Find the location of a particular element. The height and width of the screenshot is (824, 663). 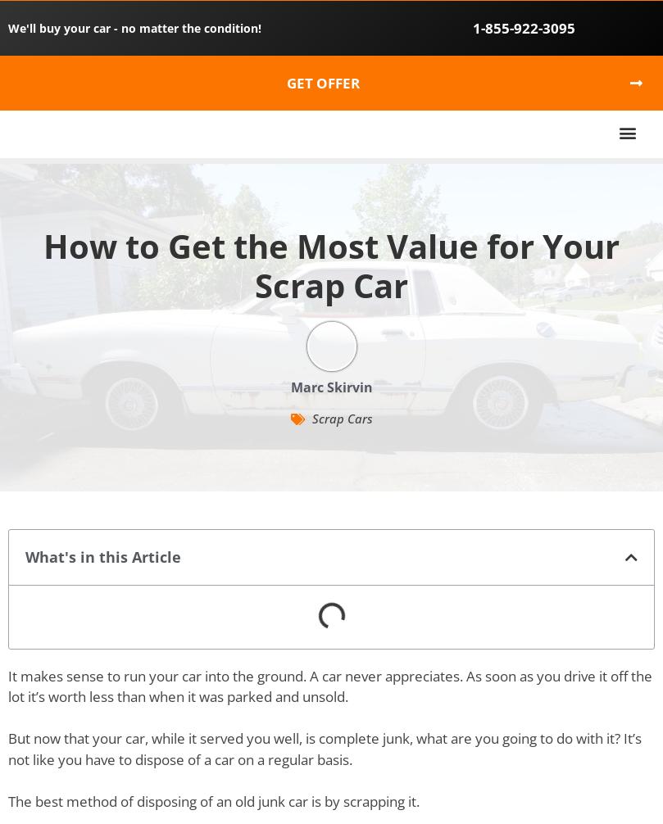

'But now that your car, while it served you well, is complete junk, what are you going to do with it? It’s not like you have to dispose of a car on a regular basis.' is located at coordinates (325, 747).